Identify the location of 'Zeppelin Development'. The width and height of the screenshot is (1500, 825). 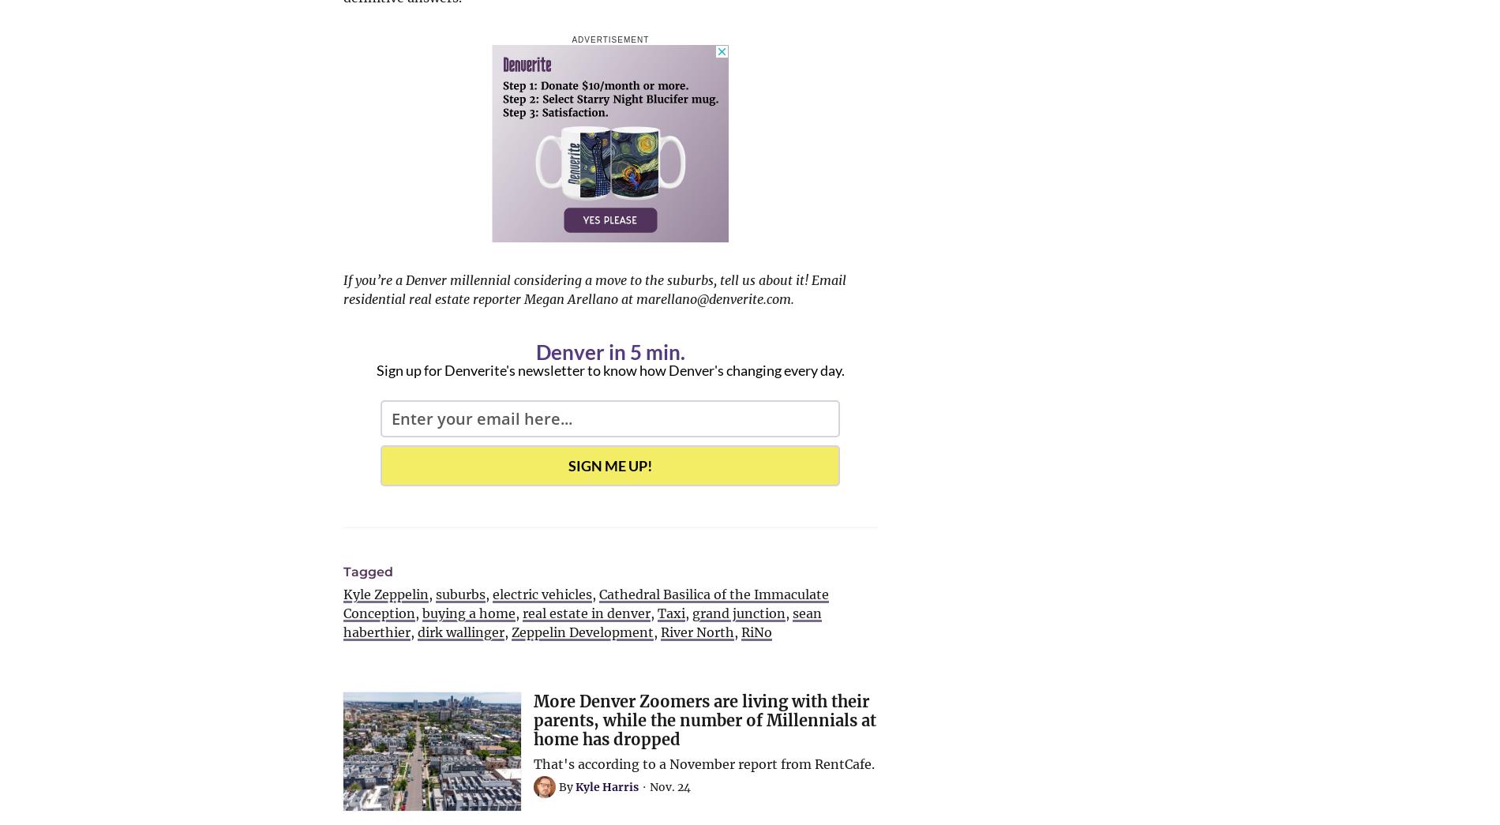
(581, 632).